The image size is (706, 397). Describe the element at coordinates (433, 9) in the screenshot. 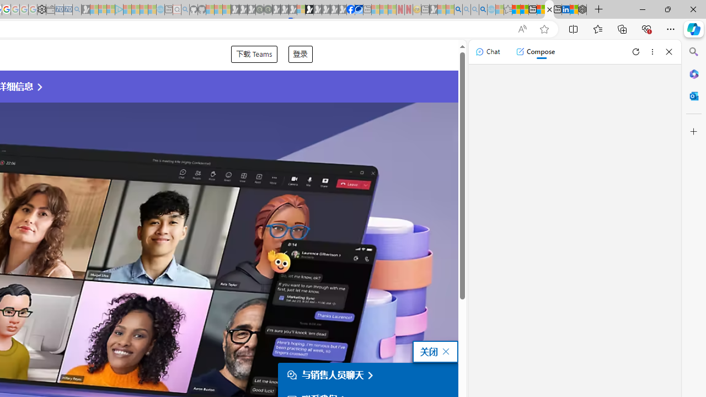

I see `'MSN - Sleeping'` at that location.